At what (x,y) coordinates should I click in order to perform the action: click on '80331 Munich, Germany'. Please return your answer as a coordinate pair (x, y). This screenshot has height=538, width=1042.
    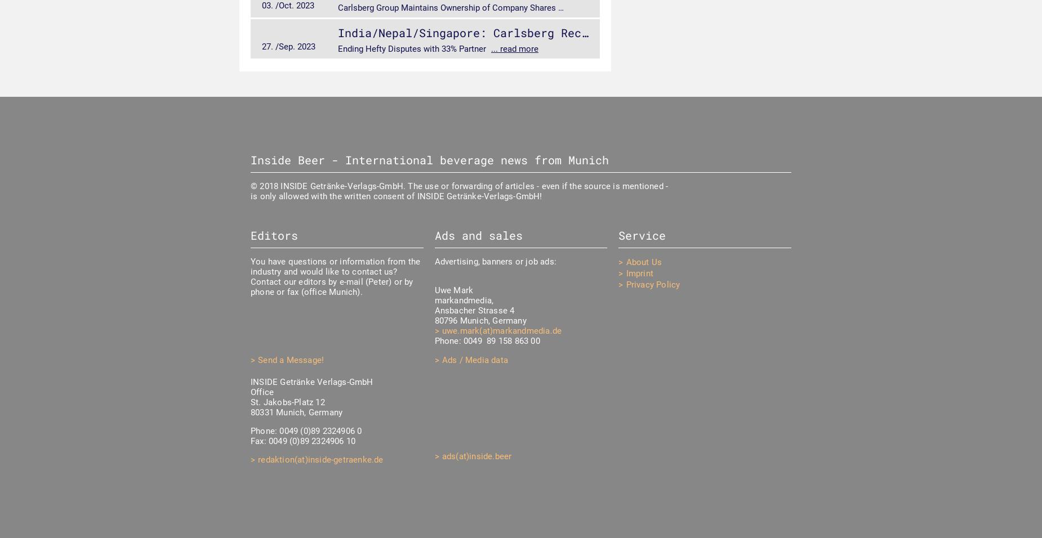
    Looking at the image, I should click on (296, 411).